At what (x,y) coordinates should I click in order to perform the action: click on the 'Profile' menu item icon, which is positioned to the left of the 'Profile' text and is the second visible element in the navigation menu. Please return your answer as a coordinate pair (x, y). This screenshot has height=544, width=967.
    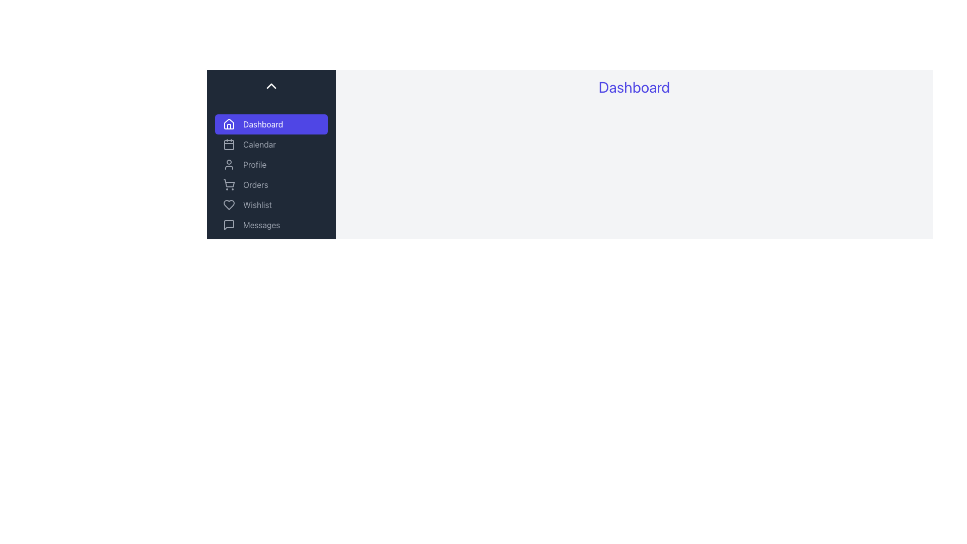
    Looking at the image, I should click on (229, 164).